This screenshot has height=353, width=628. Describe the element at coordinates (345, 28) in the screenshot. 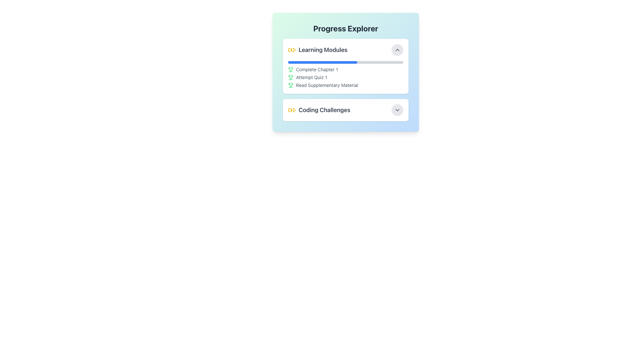

I see `text content of the central header text label indicating 'Progress Explorer'` at that location.